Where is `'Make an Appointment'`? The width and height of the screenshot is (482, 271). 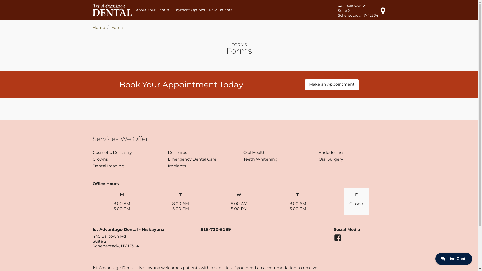 'Make an Appointment' is located at coordinates (332, 84).